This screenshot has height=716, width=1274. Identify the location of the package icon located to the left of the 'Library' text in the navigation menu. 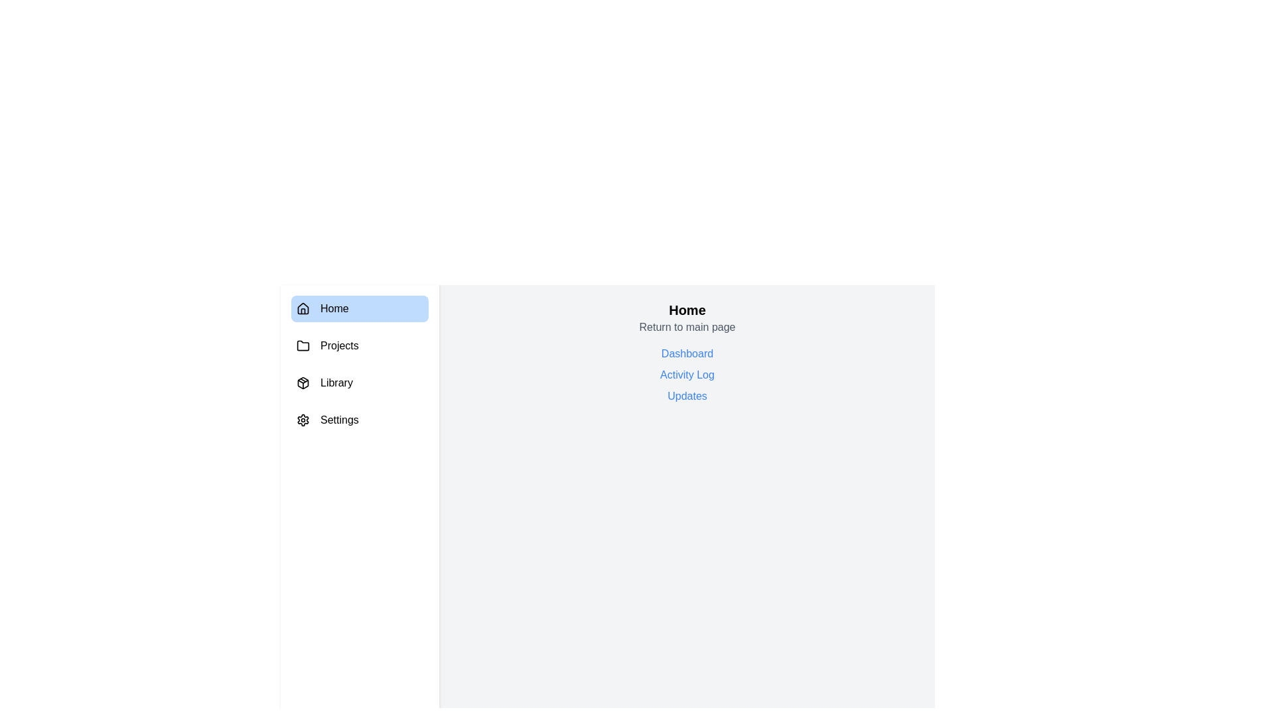
(302, 383).